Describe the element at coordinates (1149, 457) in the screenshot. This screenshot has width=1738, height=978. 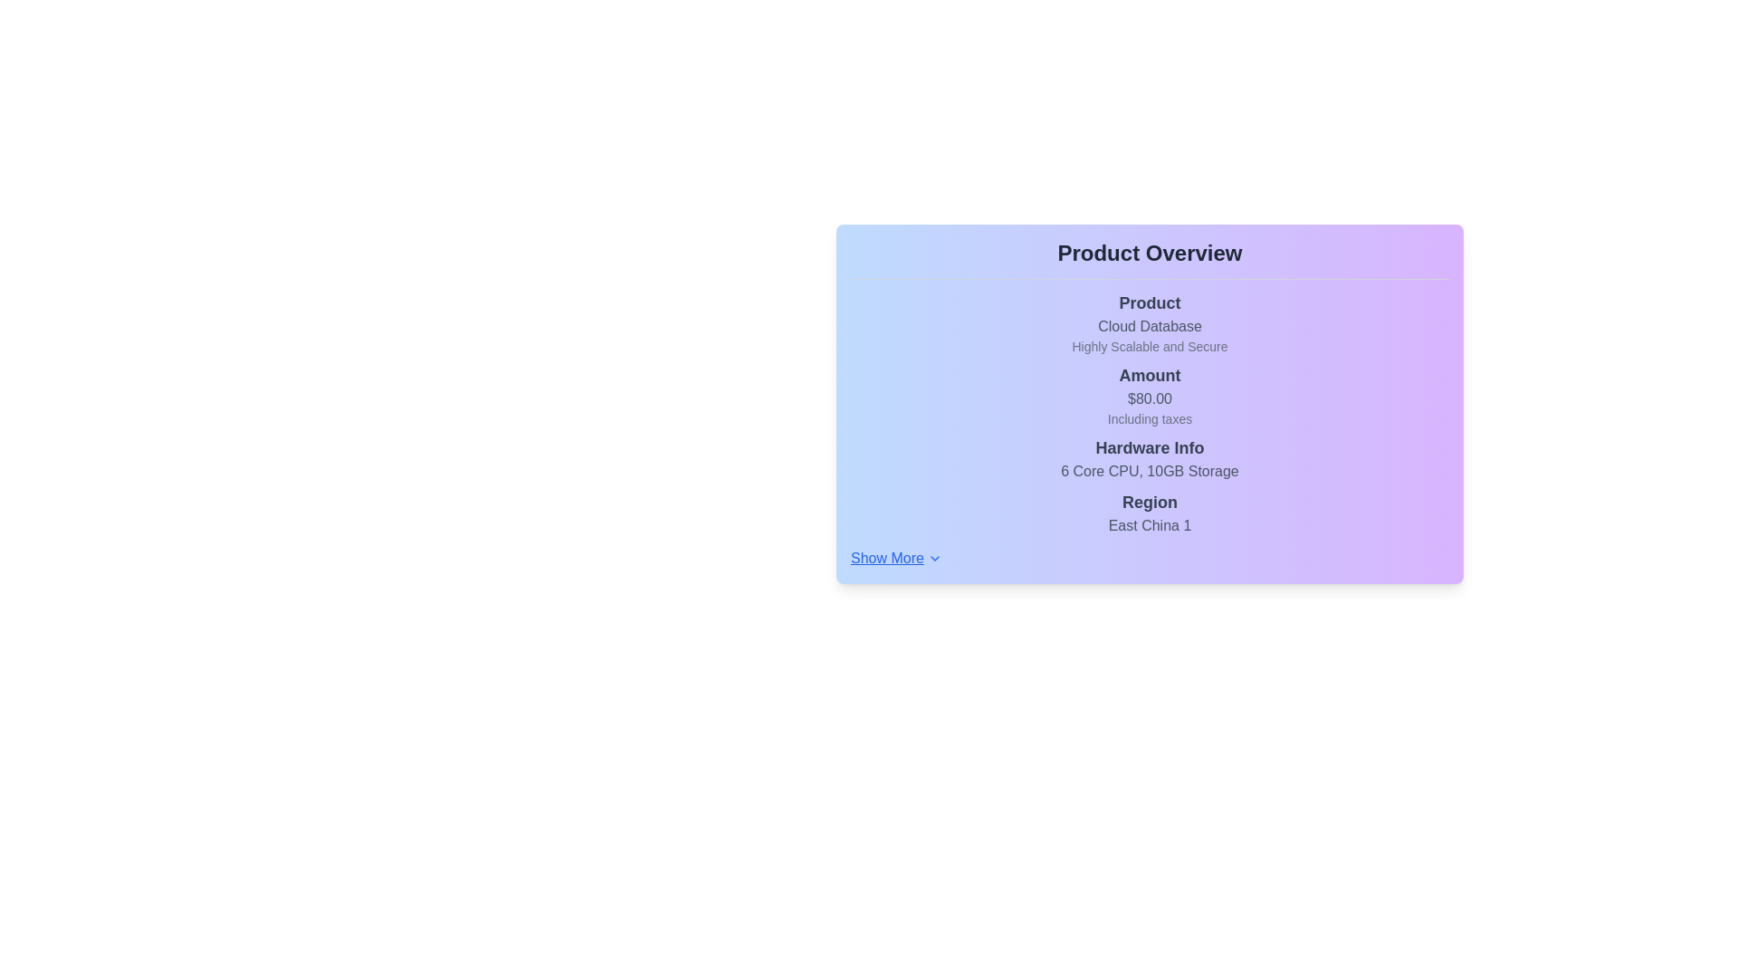
I see `descriptive text in the 'Product Overview' card located below the 'Amount' section and above the 'Region' section` at that location.